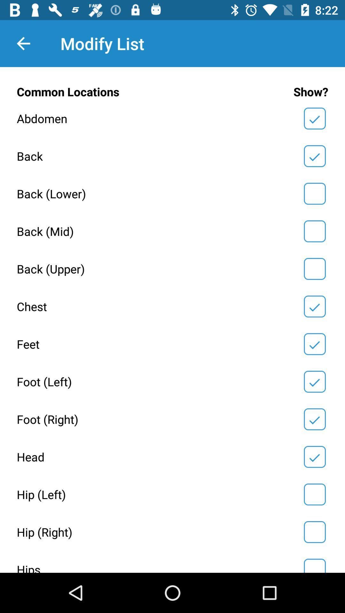 Image resolution: width=345 pixels, height=613 pixels. Describe the element at coordinates (314, 564) in the screenshot. I see `box to select hips` at that location.